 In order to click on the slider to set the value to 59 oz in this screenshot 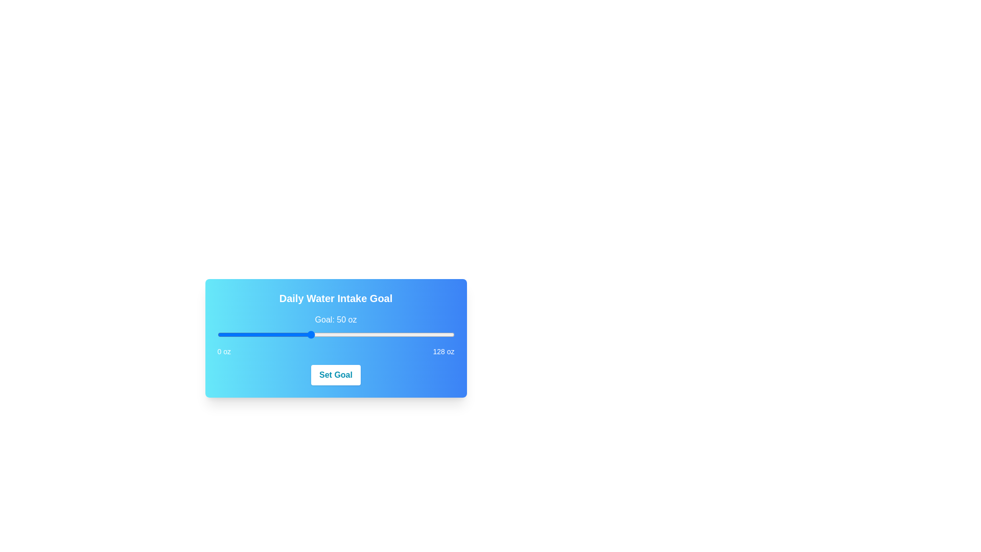, I will do `click(326, 335)`.